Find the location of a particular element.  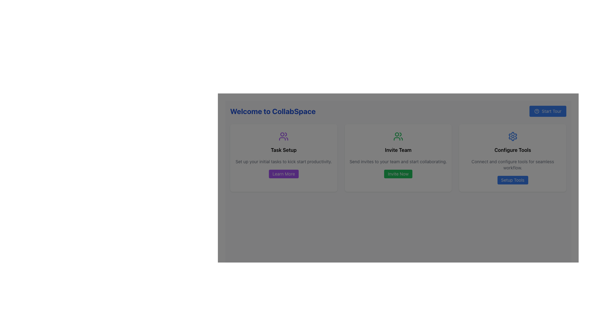

the text label that serves as a header for configuring tools, located in the rightmost card of the interface, centered below a gear icon and above a descriptive text and a blue button labeled 'Setup Tools' is located at coordinates (513, 150).